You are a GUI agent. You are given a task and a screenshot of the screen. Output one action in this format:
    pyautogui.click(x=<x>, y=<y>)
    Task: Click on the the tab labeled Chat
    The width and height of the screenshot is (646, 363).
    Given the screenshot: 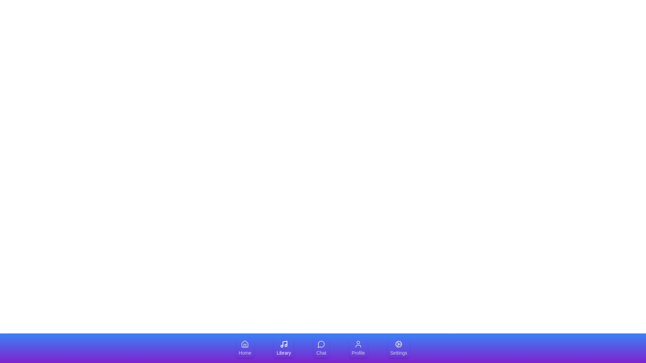 What is the action you would take?
    pyautogui.click(x=321, y=348)
    